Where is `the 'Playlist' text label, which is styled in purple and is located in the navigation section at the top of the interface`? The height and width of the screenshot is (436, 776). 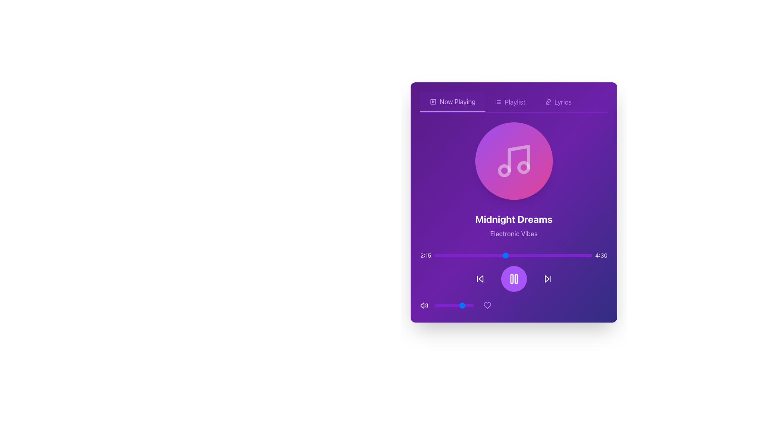 the 'Playlist' text label, which is styled in purple and is located in the navigation section at the top of the interface is located at coordinates (515, 102).